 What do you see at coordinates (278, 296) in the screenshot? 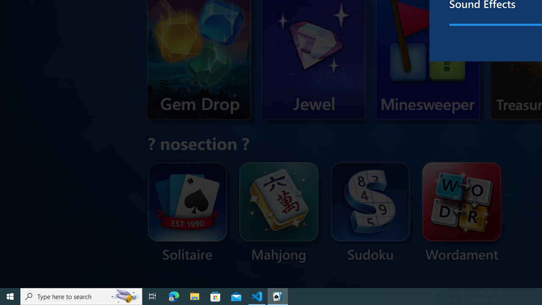
I see `'Solitaire & Casual Games - 1 running window'` at bounding box center [278, 296].